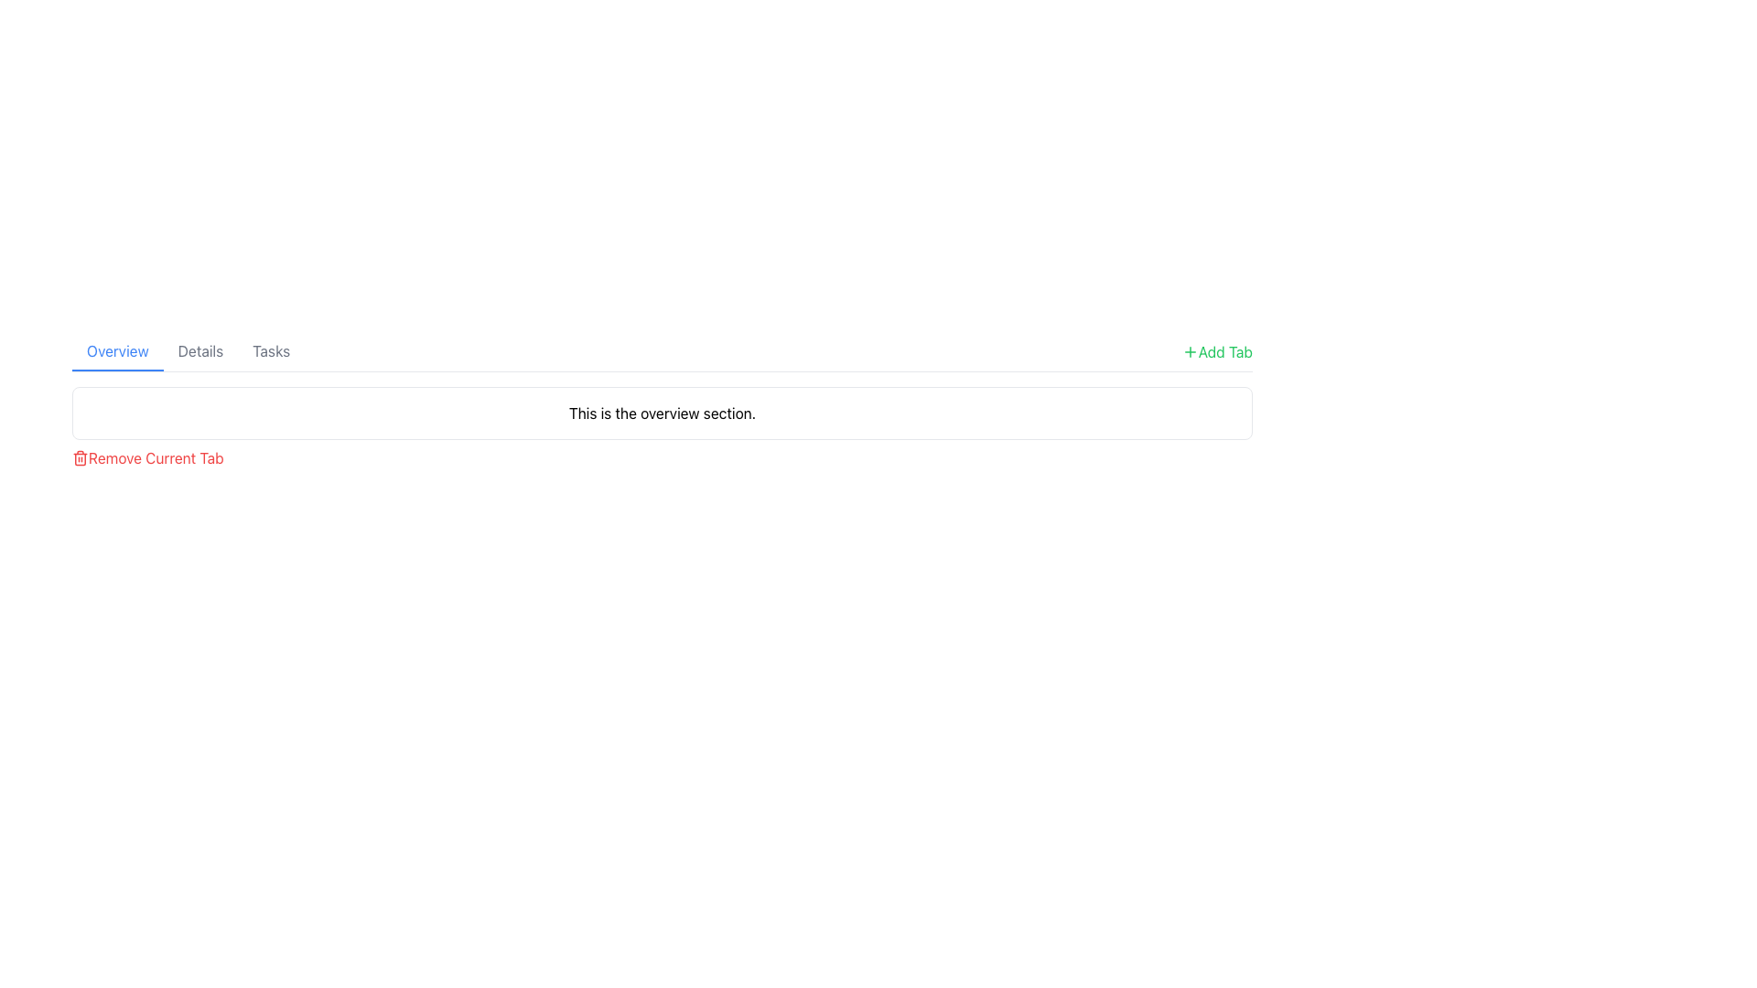 The height and width of the screenshot is (988, 1757). Describe the element at coordinates (1190, 352) in the screenshot. I see `the '+' icon button located near the top-right corner of the interface` at that location.